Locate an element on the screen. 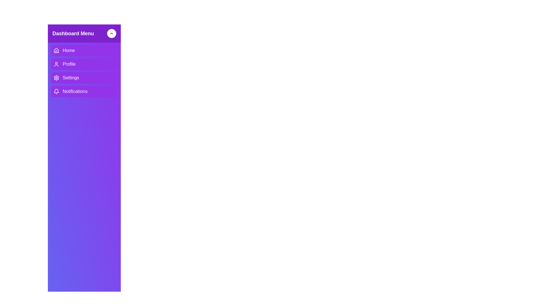  the chevron icon located at the center of the circular button in the top-right corner of the sidebar under the 'Dashboard Menu' is located at coordinates (112, 34).